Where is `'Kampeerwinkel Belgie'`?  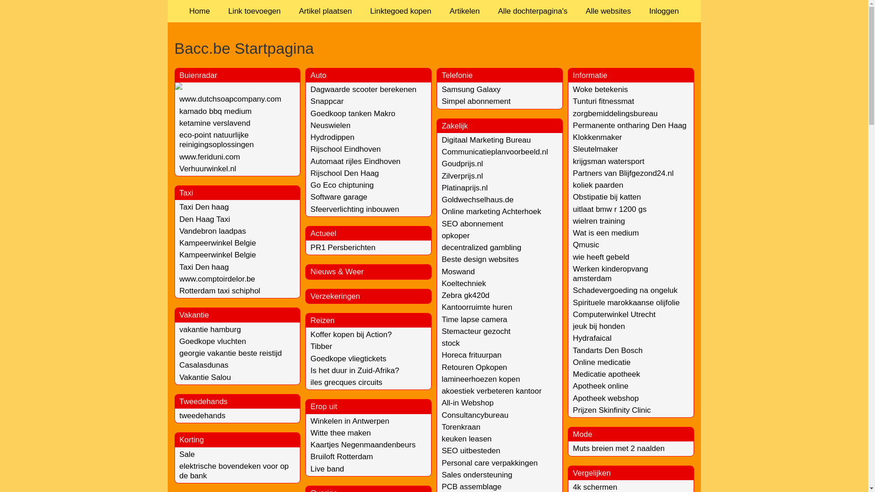 'Kampeerwinkel Belgie' is located at coordinates (179, 242).